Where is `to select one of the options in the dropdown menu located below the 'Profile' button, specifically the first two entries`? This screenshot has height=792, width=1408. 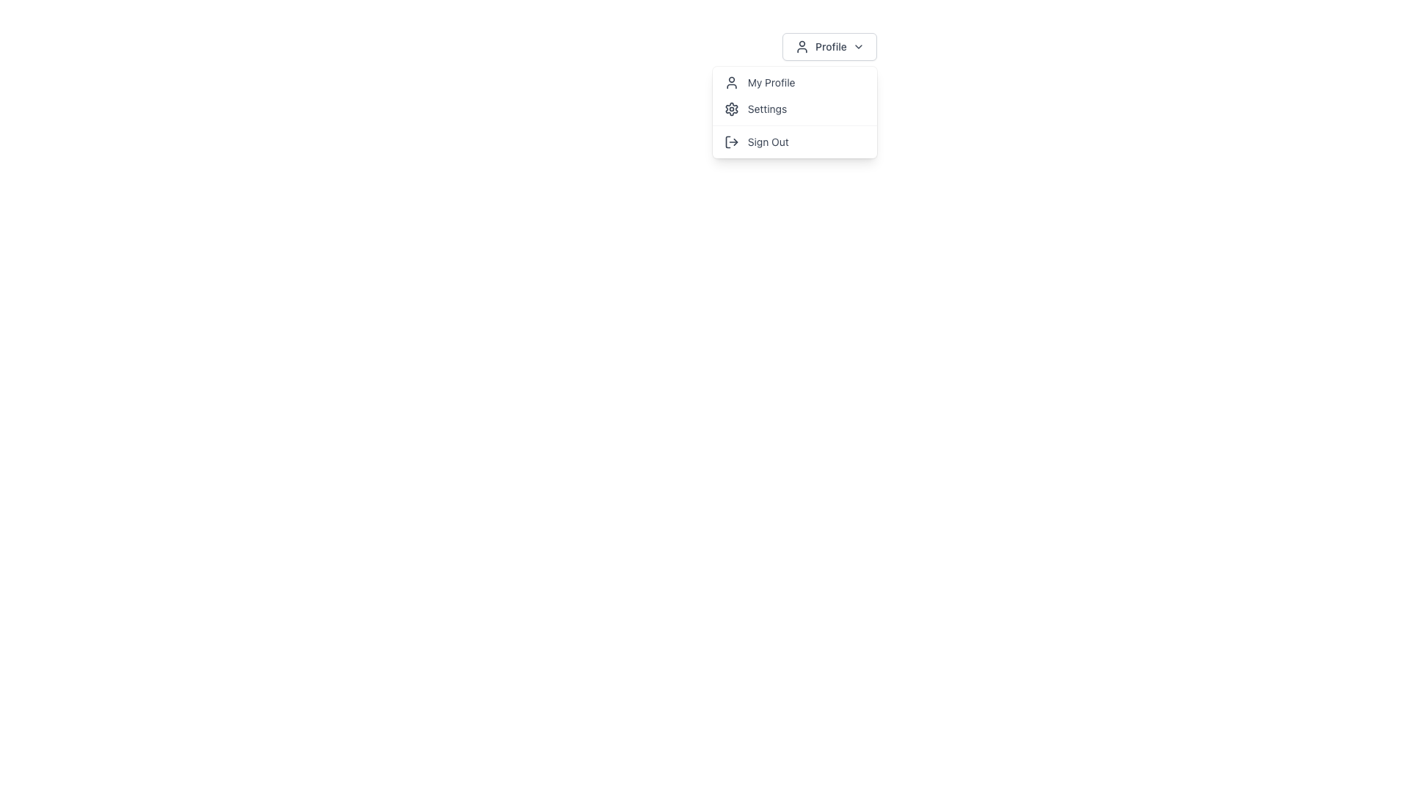
to select one of the options in the dropdown menu located below the 'Profile' button, specifically the first two entries is located at coordinates (793, 96).